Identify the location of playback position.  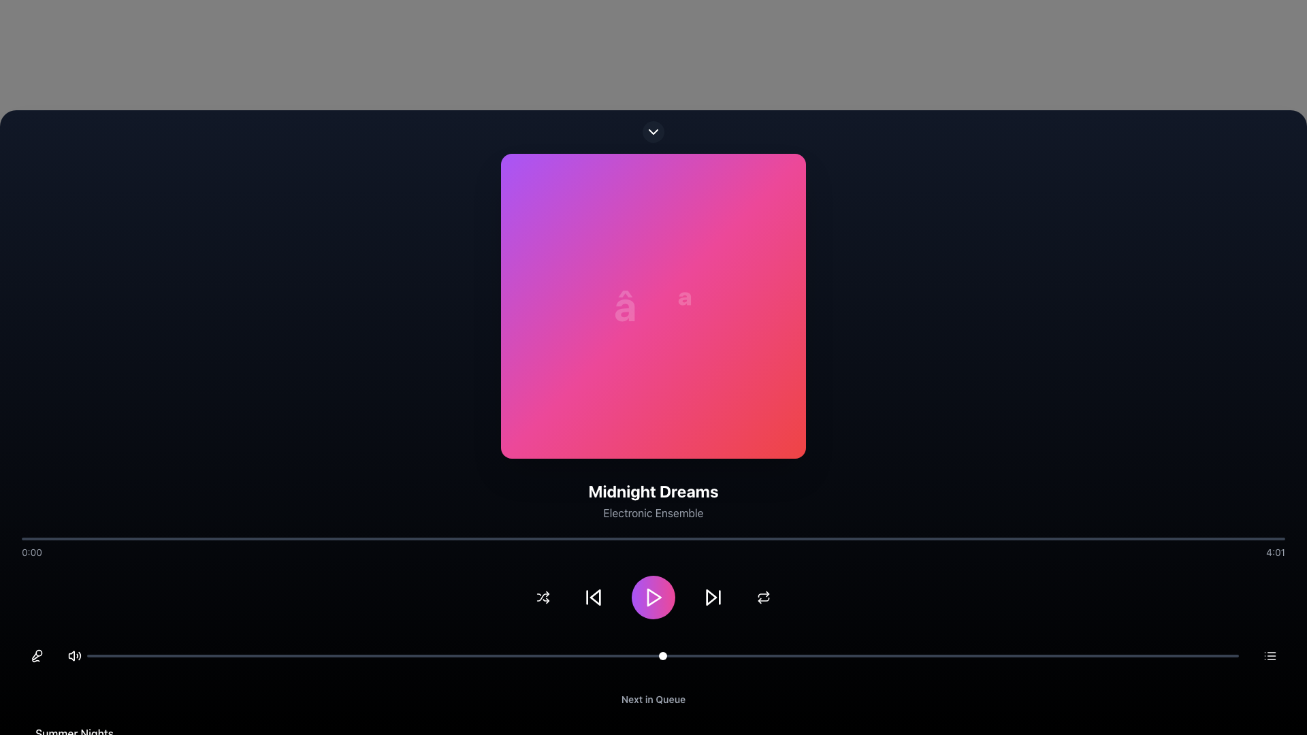
(375, 538).